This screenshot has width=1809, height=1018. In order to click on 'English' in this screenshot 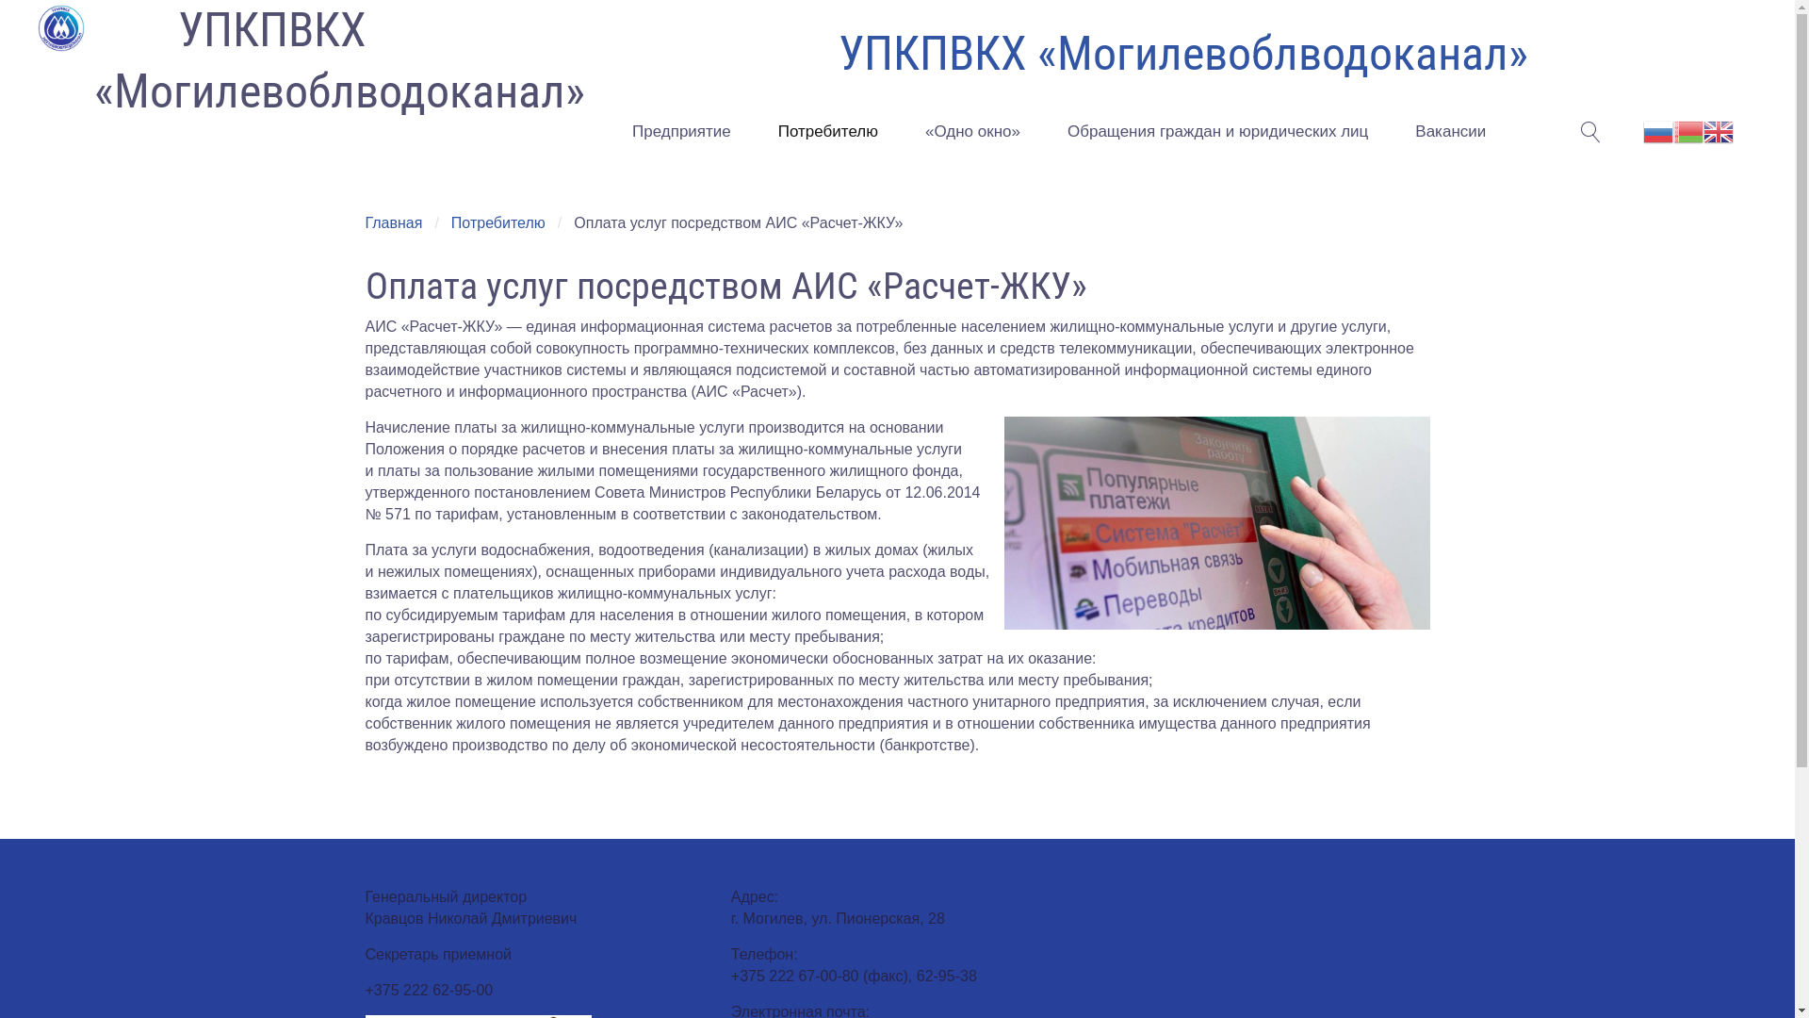, I will do `click(1719, 129)`.